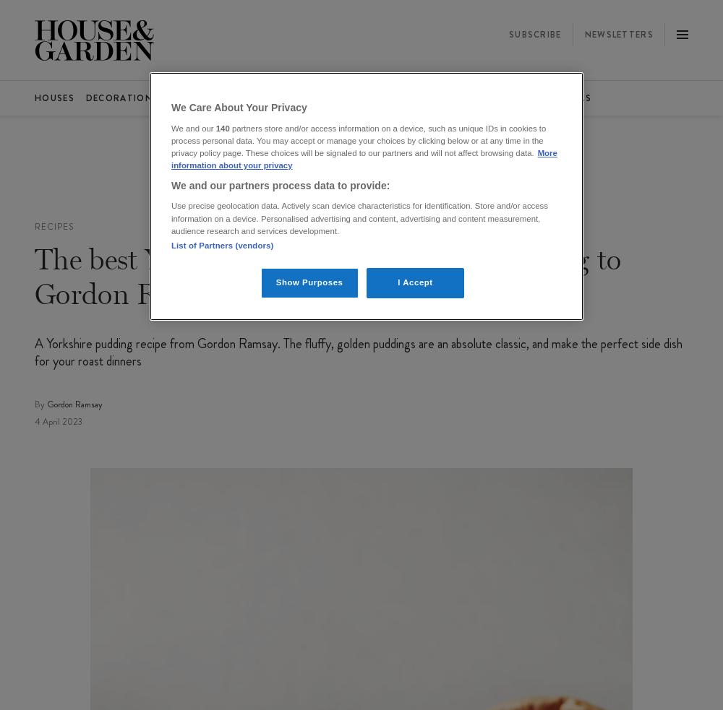 The image size is (723, 710). What do you see at coordinates (584, 33) in the screenshot?
I see `'Newsletters'` at bounding box center [584, 33].